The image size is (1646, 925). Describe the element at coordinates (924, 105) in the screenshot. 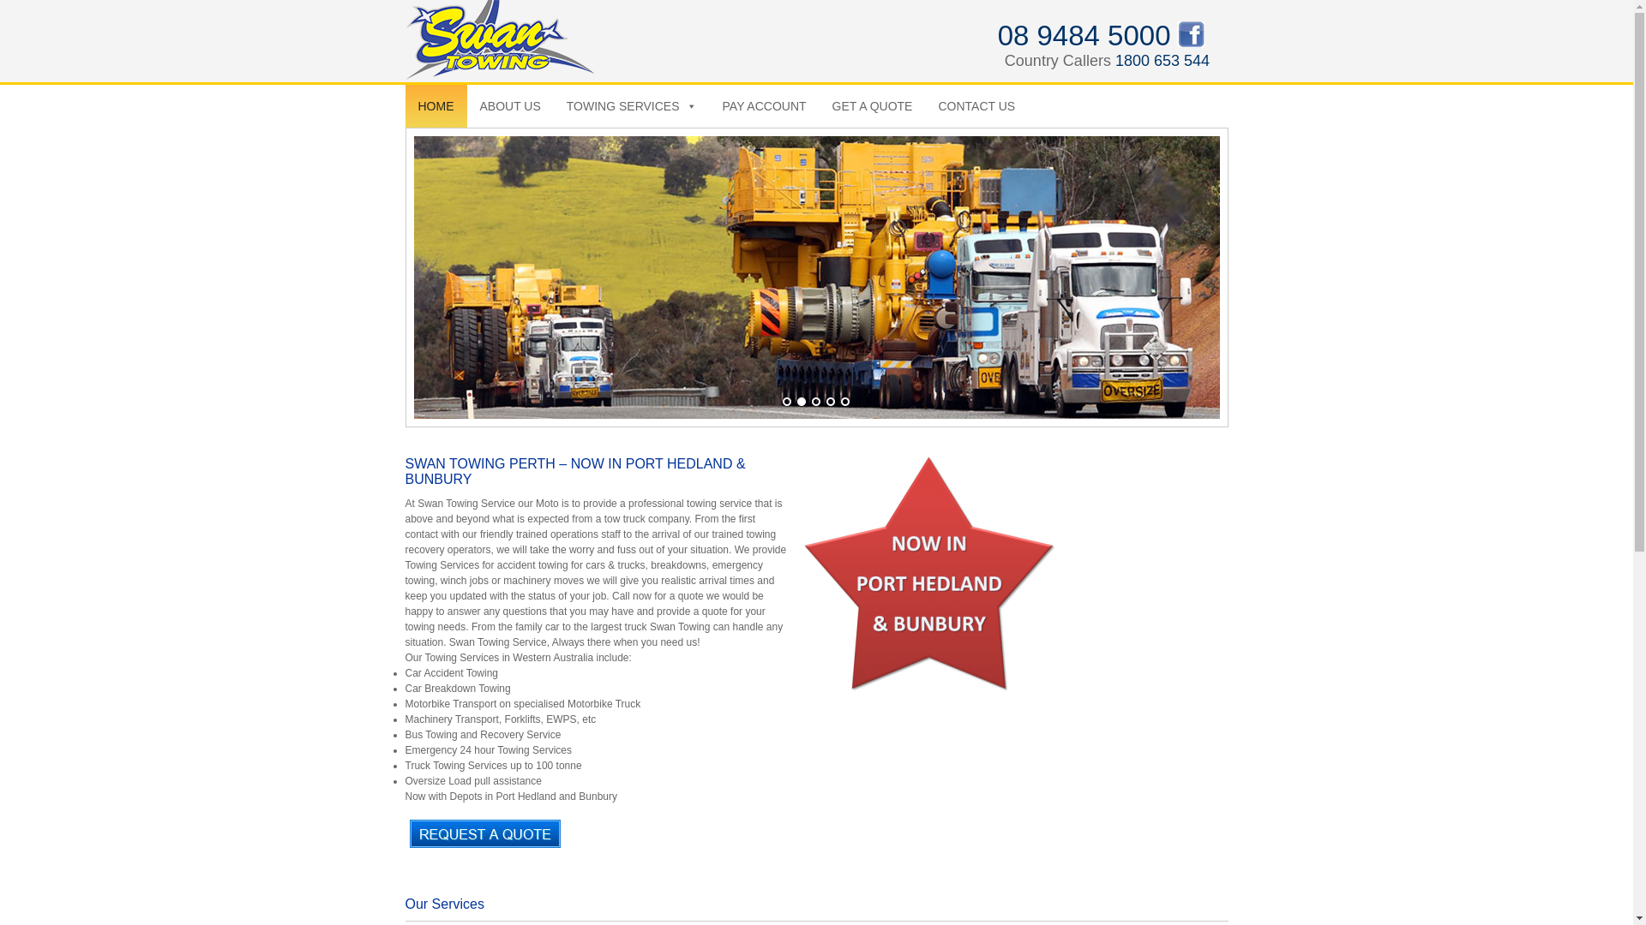

I see `'CONTACT US'` at that location.